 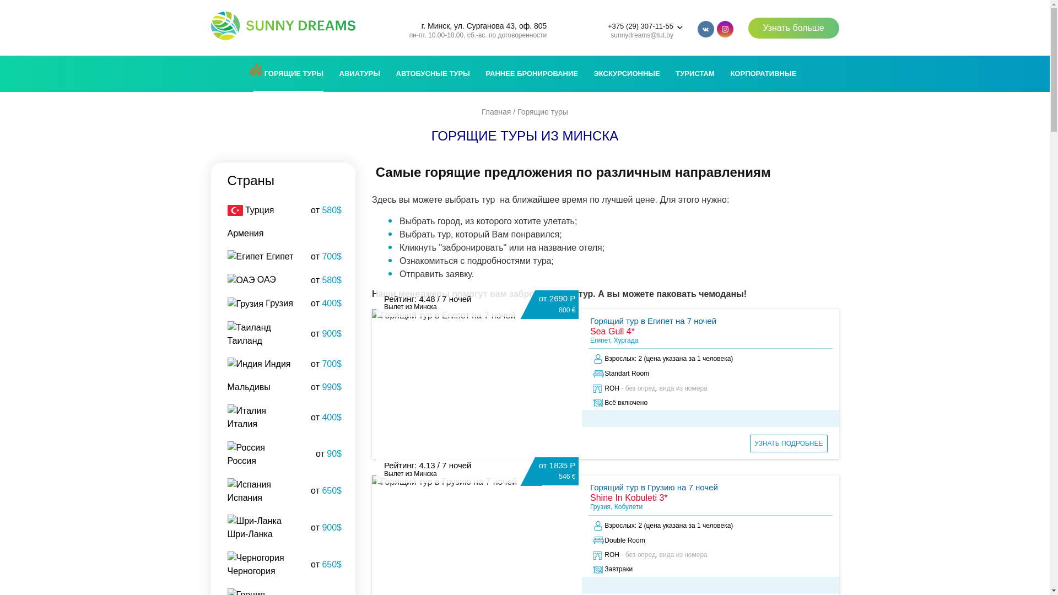 What do you see at coordinates (642, 35) in the screenshot?
I see `'sunnydreams@tut.by'` at bounding box center [642, 35].